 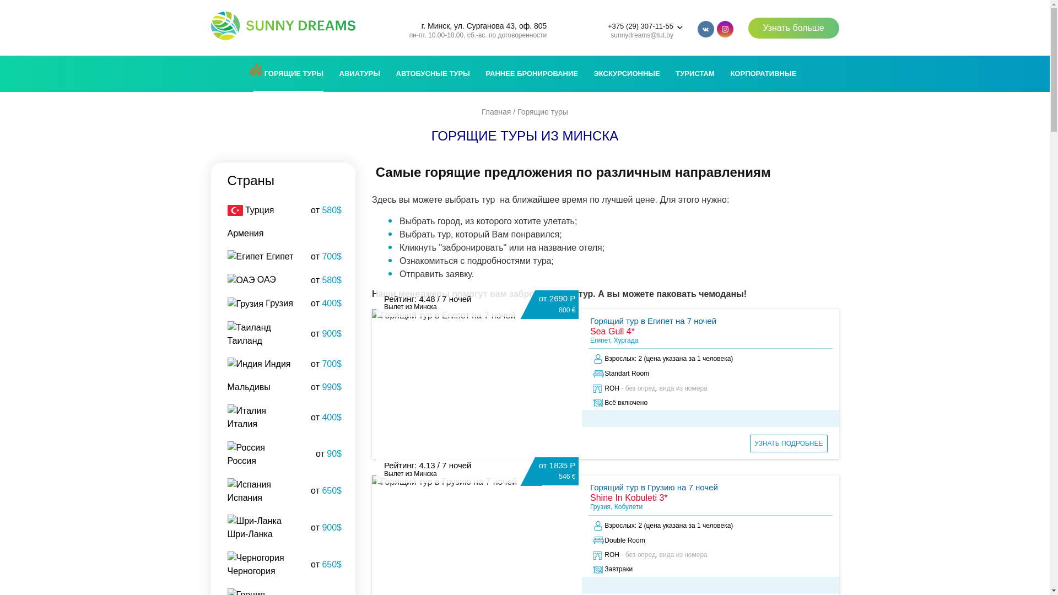 What do you see at coordinates (642, 35) in the screenshot?
I see `'sunnydreams@tut.by'` at bounding box center [642, 35].